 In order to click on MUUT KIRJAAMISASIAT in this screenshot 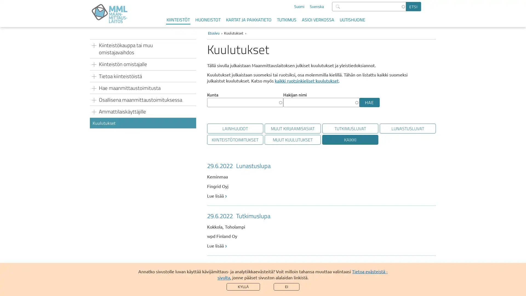, I will do `click(292, 129)`.